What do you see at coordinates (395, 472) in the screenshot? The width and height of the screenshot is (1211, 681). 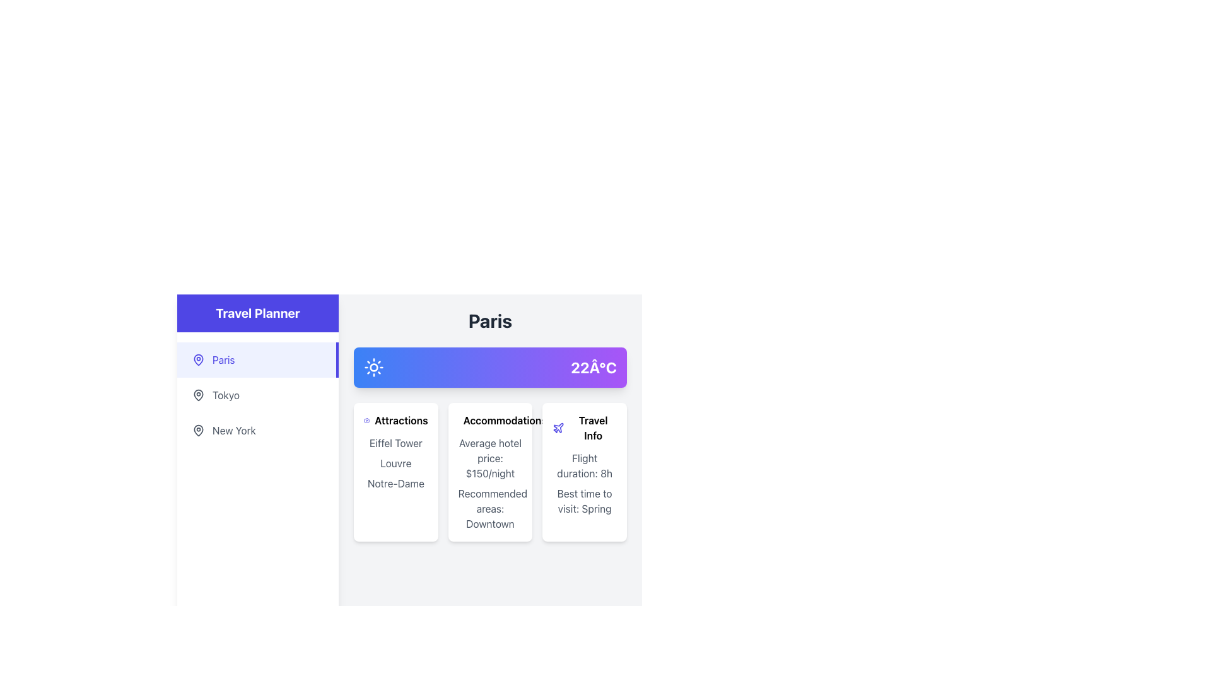 I see `the 'Attractions' informational card which has a white background, rounded corners, and contains the heading text 'Attractions' in bold along with a list of attractions and a camera icon` at bounding box center [395, 472].